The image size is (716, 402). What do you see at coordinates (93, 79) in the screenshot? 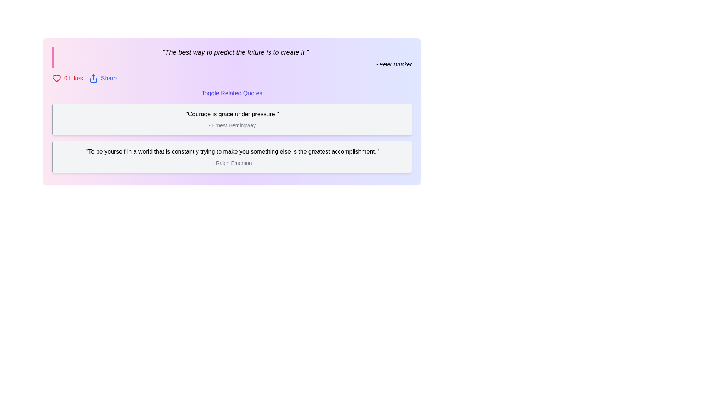
I see `the share icon located to the immediate left of the 'Share' text link to initiate the share action` at bounding box center [93, 79].